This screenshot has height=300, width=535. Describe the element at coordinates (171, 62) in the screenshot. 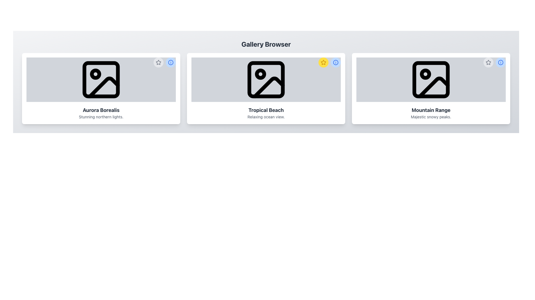

I see `the 'info' icon button located at the top-right corner of the 'Aurora Borealis' card` at that location.